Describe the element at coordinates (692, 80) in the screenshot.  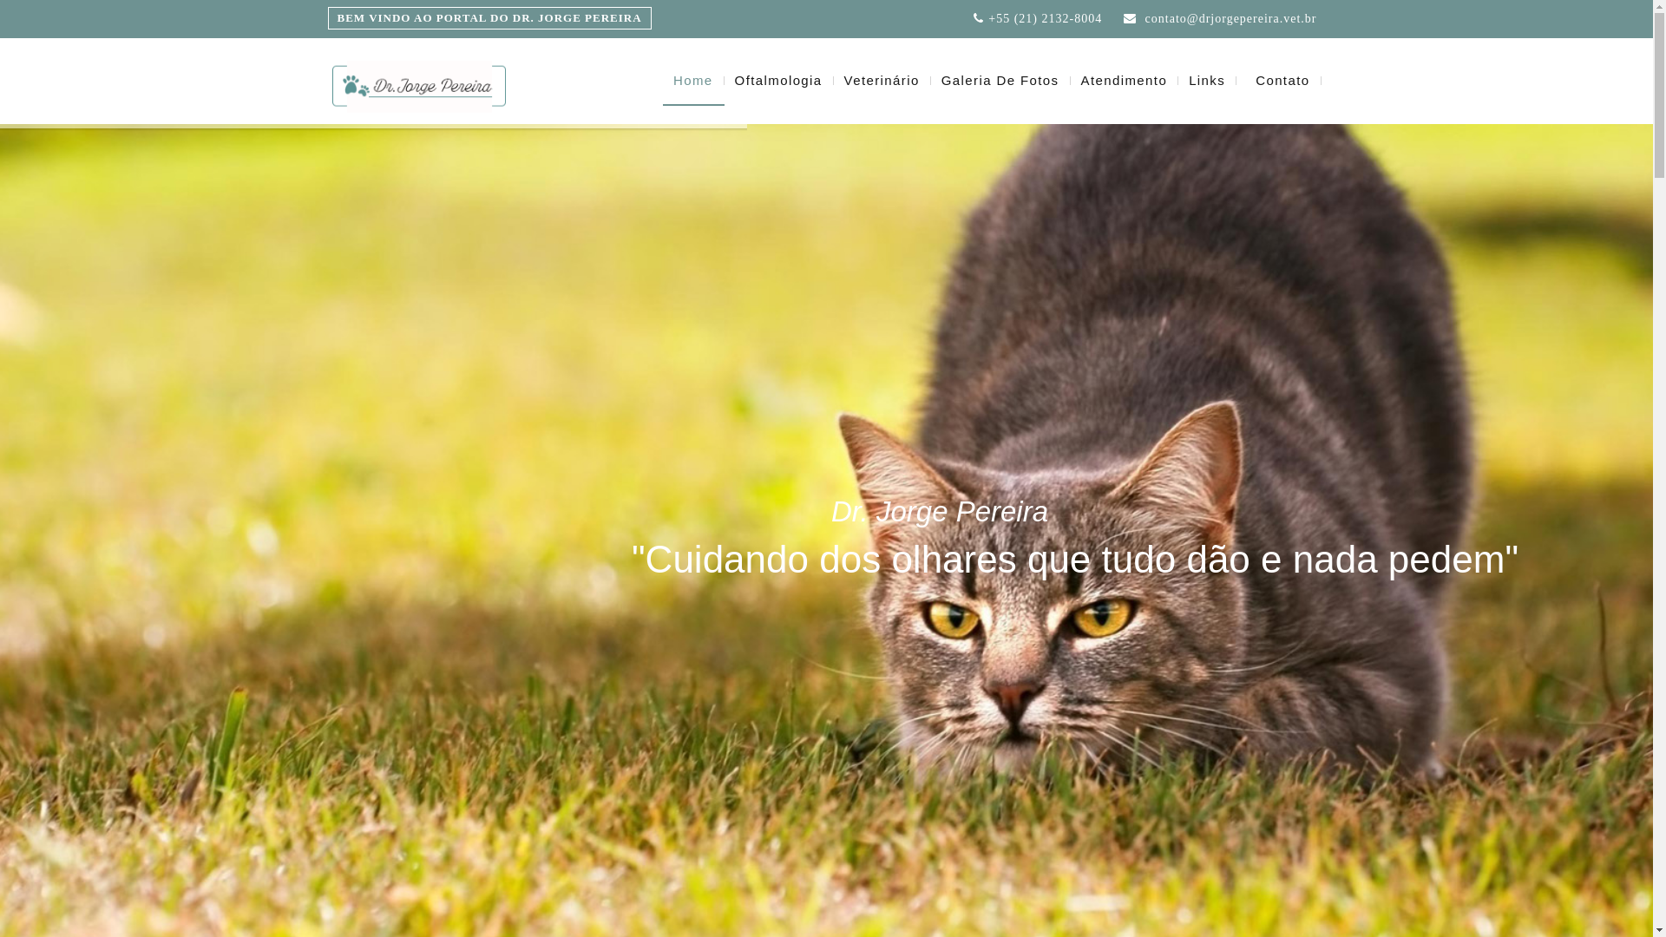
I see `'Home'` at that location.